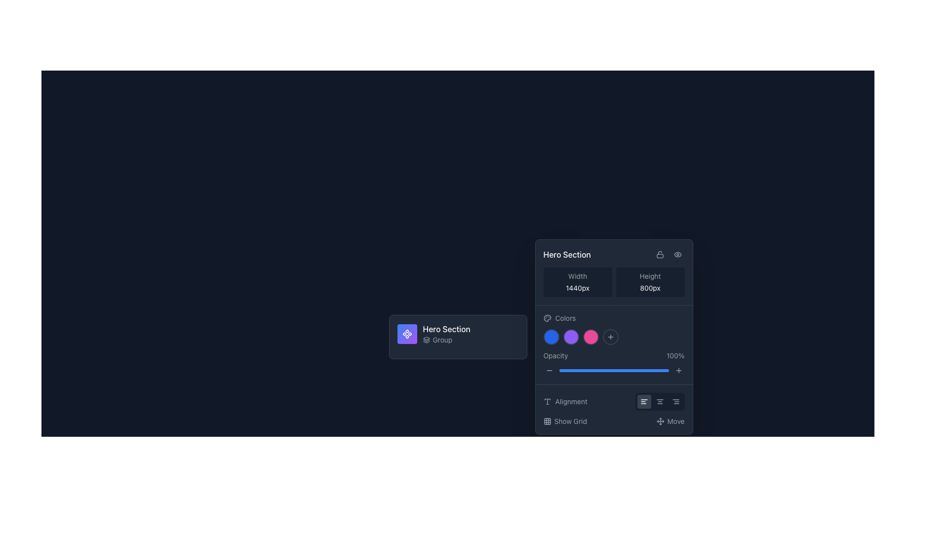 The width and height of the screenshot is (948, 533). I want to click on the Text Display Unit that shows the height dimension of the 'Hero Section' component, located in the right-side panel titled 'Hero Section', so click(650, 282).